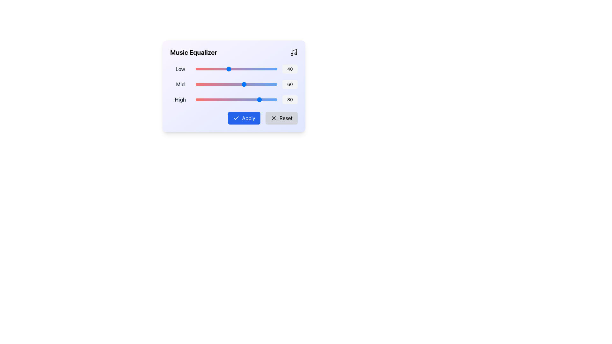  I want to click on the label that indicates the 'Mid' level of the equalizer settings, positioned to the left of the horizontal slider displaying a numerical value '60', so click(180, 84).